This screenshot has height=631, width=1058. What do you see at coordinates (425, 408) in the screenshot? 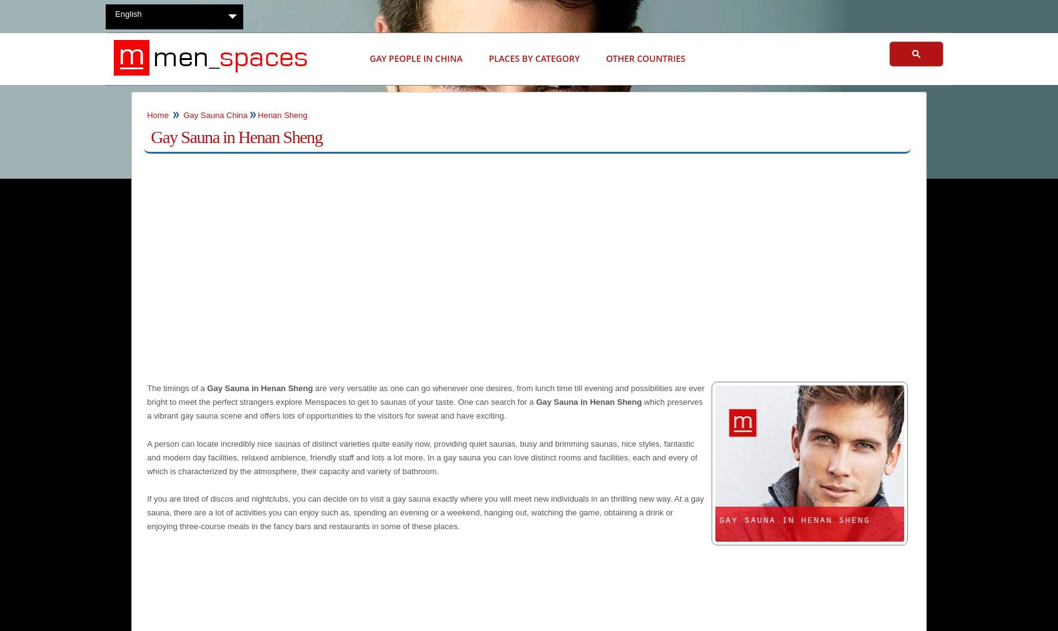
I see `'which preserves a vibrant gay sauna scene and offers lots of opportunities to the visitors for sweat and have exciting.'` at bounding box center [425, 408].